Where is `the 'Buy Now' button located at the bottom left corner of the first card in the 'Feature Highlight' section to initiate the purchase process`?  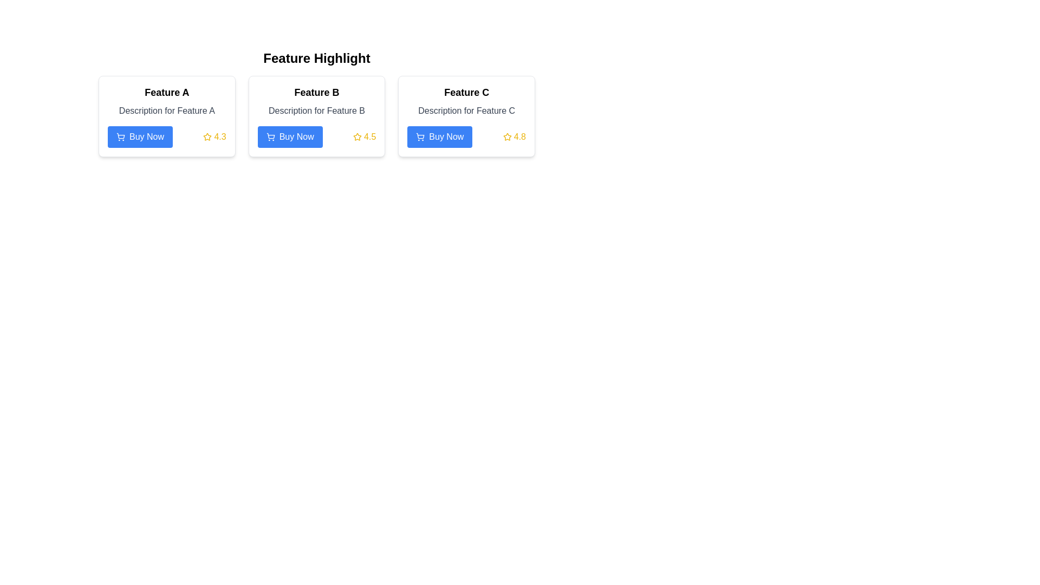
the 'Buy Now' button located at the bottom left corner of the first card in the 'Feature Highlight' section to initiate the purchase process is located at coordinates (140, 136).